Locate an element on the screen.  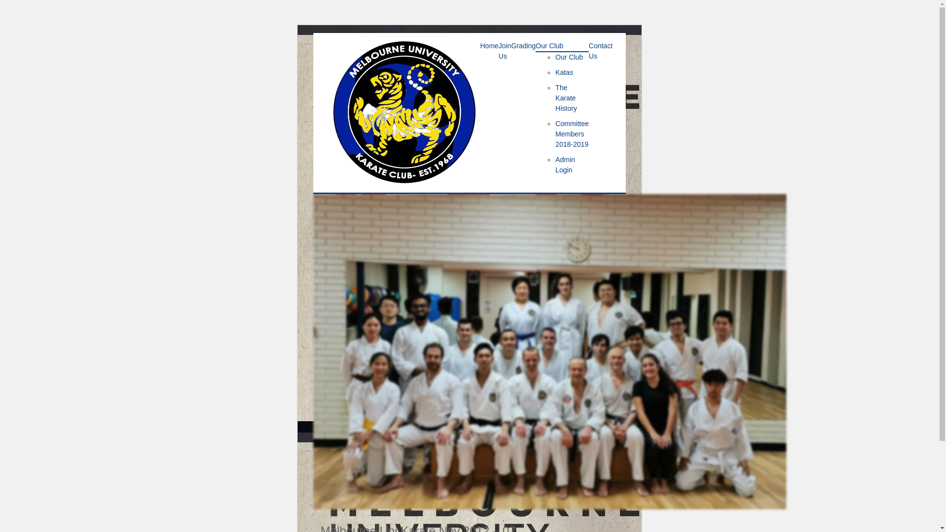
'The Karate History' is located at coordinates (566, 98).